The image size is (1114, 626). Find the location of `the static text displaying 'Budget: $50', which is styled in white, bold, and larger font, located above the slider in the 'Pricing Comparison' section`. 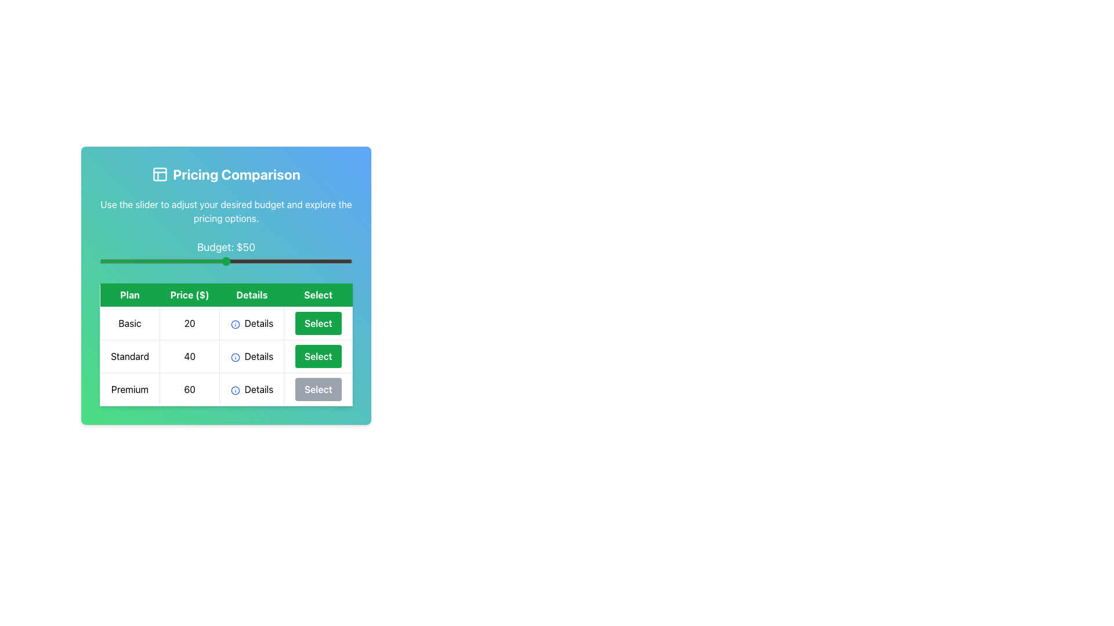

the static text displaying 'Budget: $50', which is styled in white, bold, and larger font, located above the slider in the 'Pricing Comparison' section is located at coordinates (226, 246).